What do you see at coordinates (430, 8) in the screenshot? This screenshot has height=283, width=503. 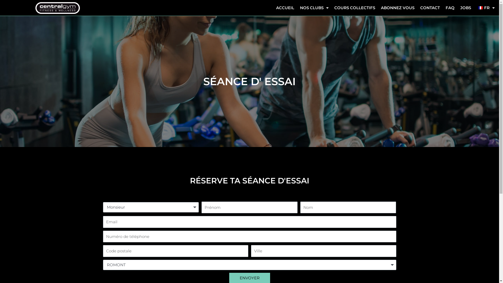 I see `'CONTACT'` at bounding box center [430, 8].